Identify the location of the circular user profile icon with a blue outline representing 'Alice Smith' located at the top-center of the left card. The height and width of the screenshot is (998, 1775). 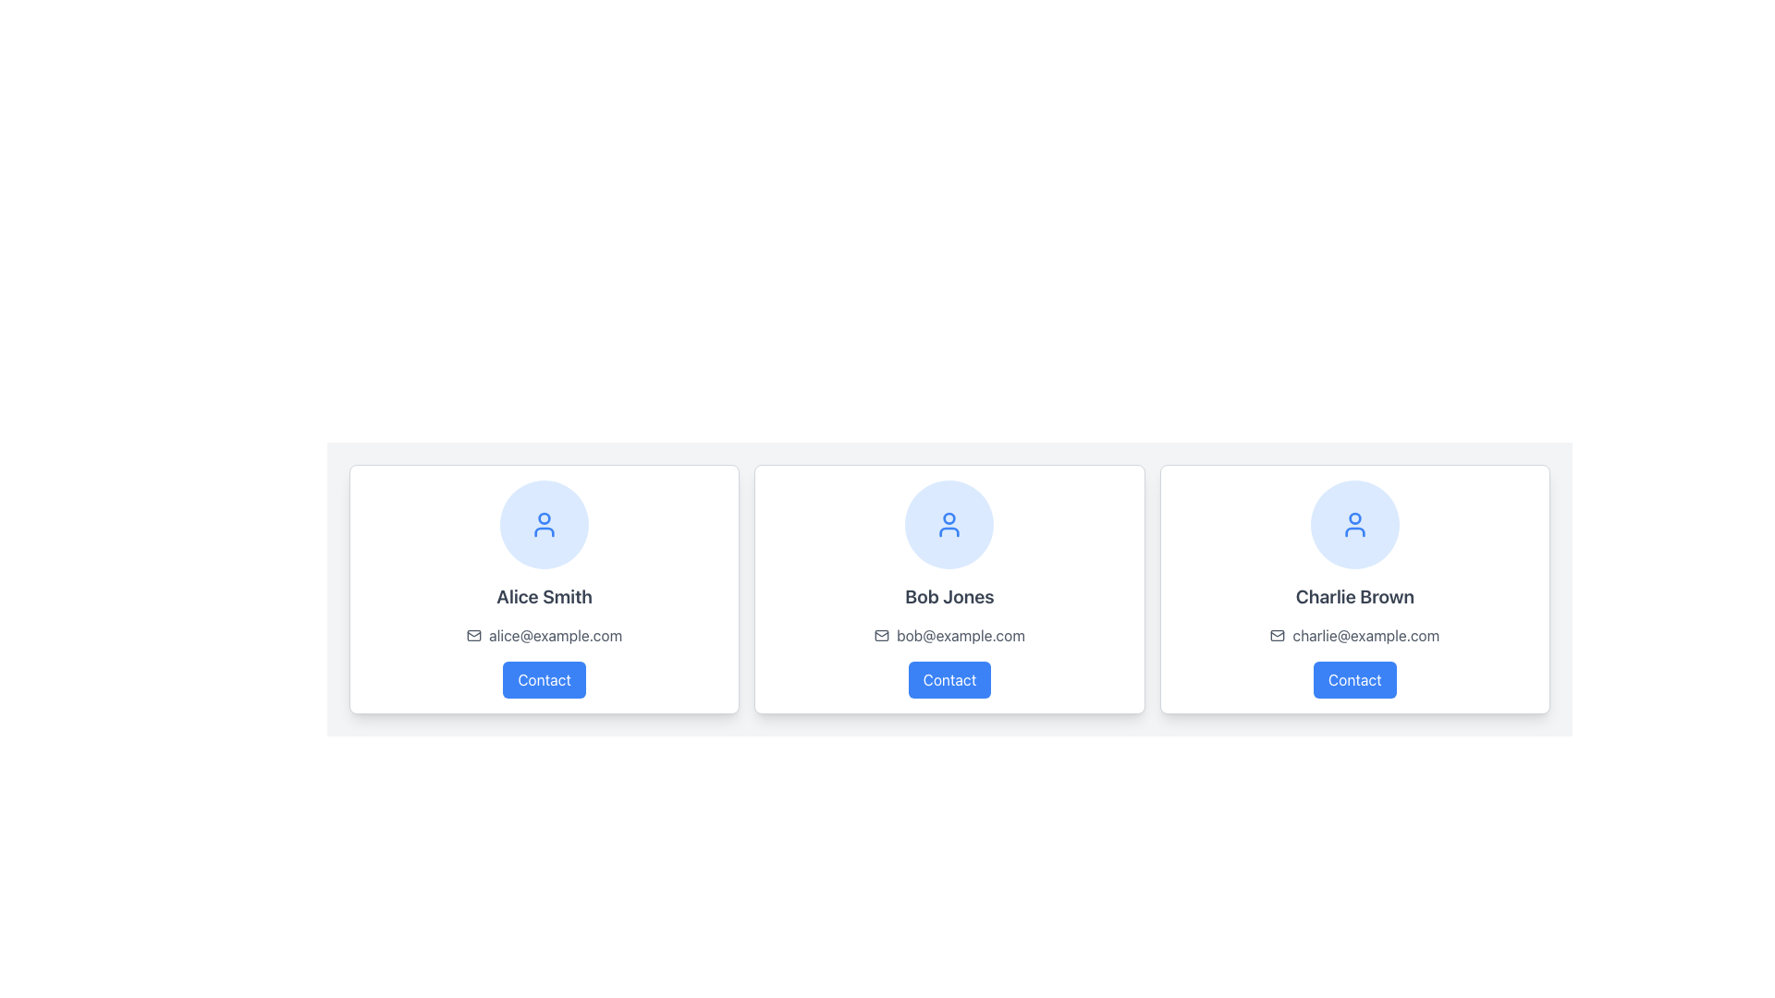
(544, 524).